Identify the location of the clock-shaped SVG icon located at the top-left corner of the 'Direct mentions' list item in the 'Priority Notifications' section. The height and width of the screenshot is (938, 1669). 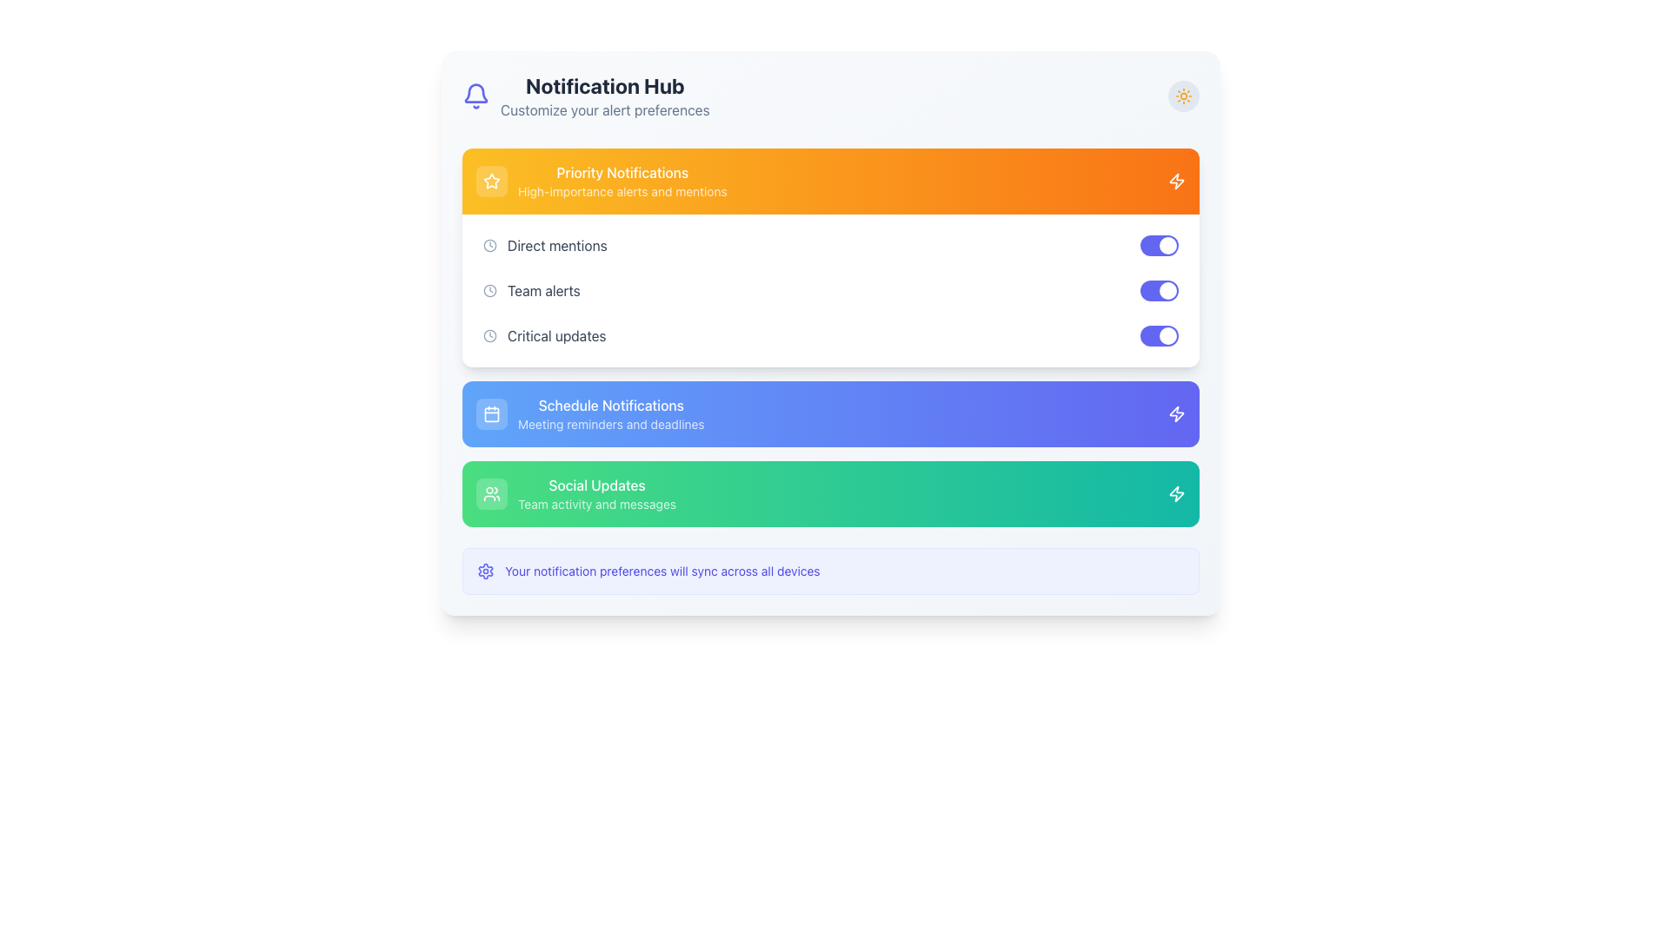
(489, 245).